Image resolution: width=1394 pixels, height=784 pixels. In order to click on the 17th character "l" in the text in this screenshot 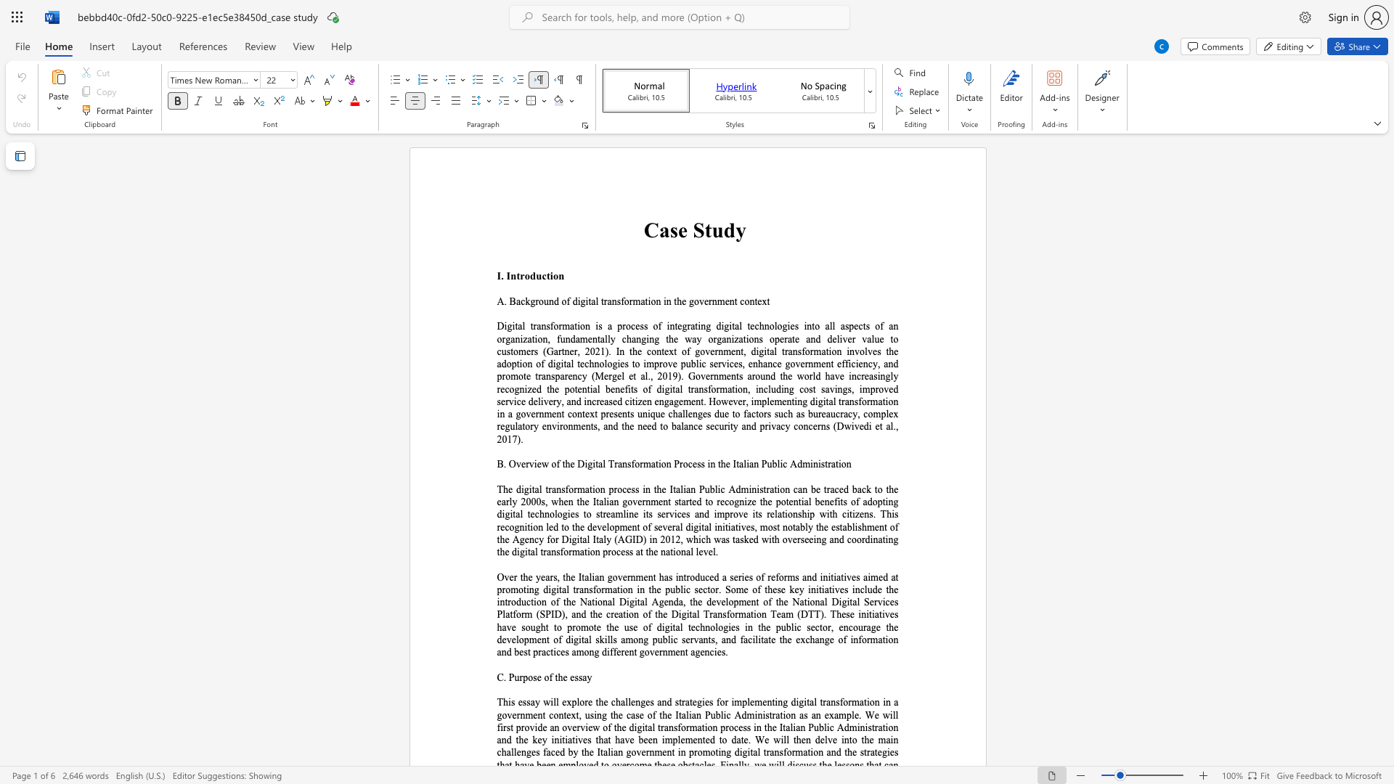, I will do `click(588, 539)`.